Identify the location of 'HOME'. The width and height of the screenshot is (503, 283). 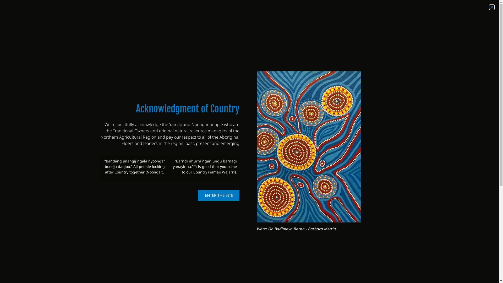
(222, 27).